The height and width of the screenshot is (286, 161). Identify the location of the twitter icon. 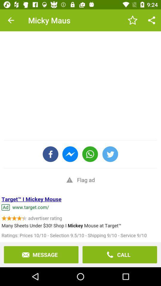
(110, 154).